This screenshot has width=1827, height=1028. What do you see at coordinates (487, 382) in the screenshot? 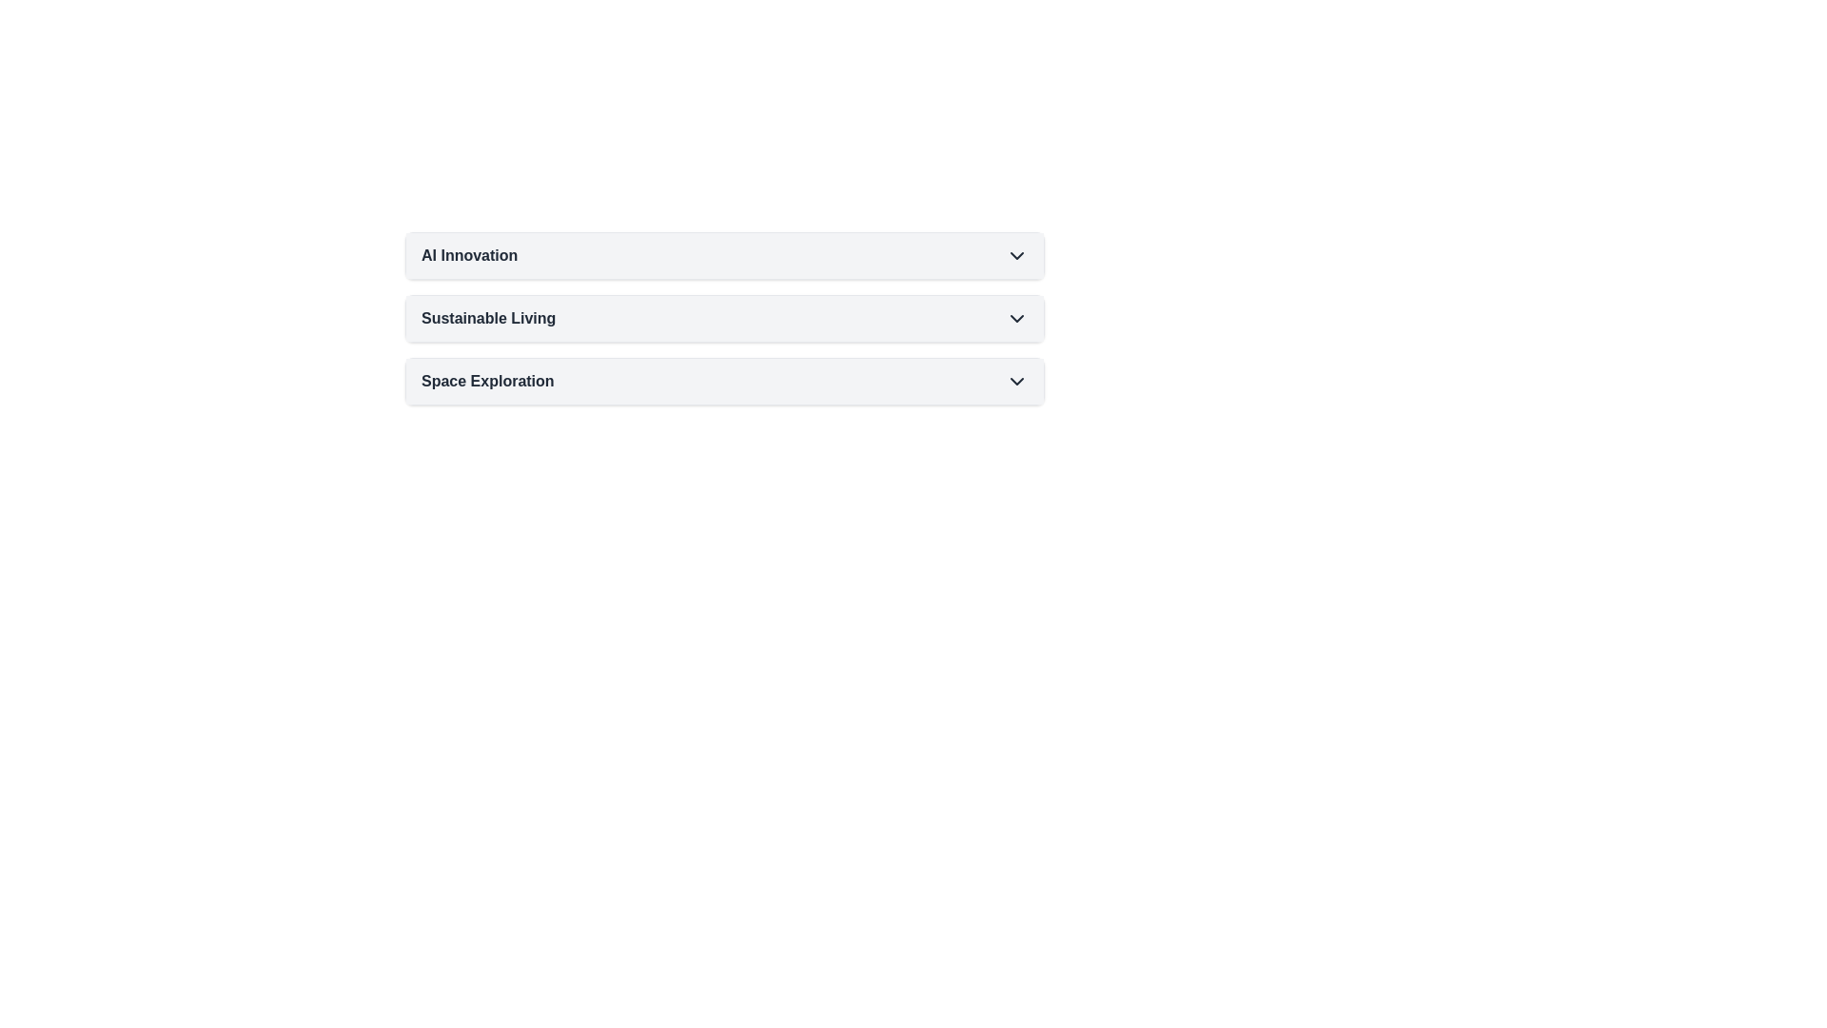
I see `the Text label located in the third section of the vertical list of collapsible items, positioned next to the dropdown arrow icon` at bounding box center [487, 382].